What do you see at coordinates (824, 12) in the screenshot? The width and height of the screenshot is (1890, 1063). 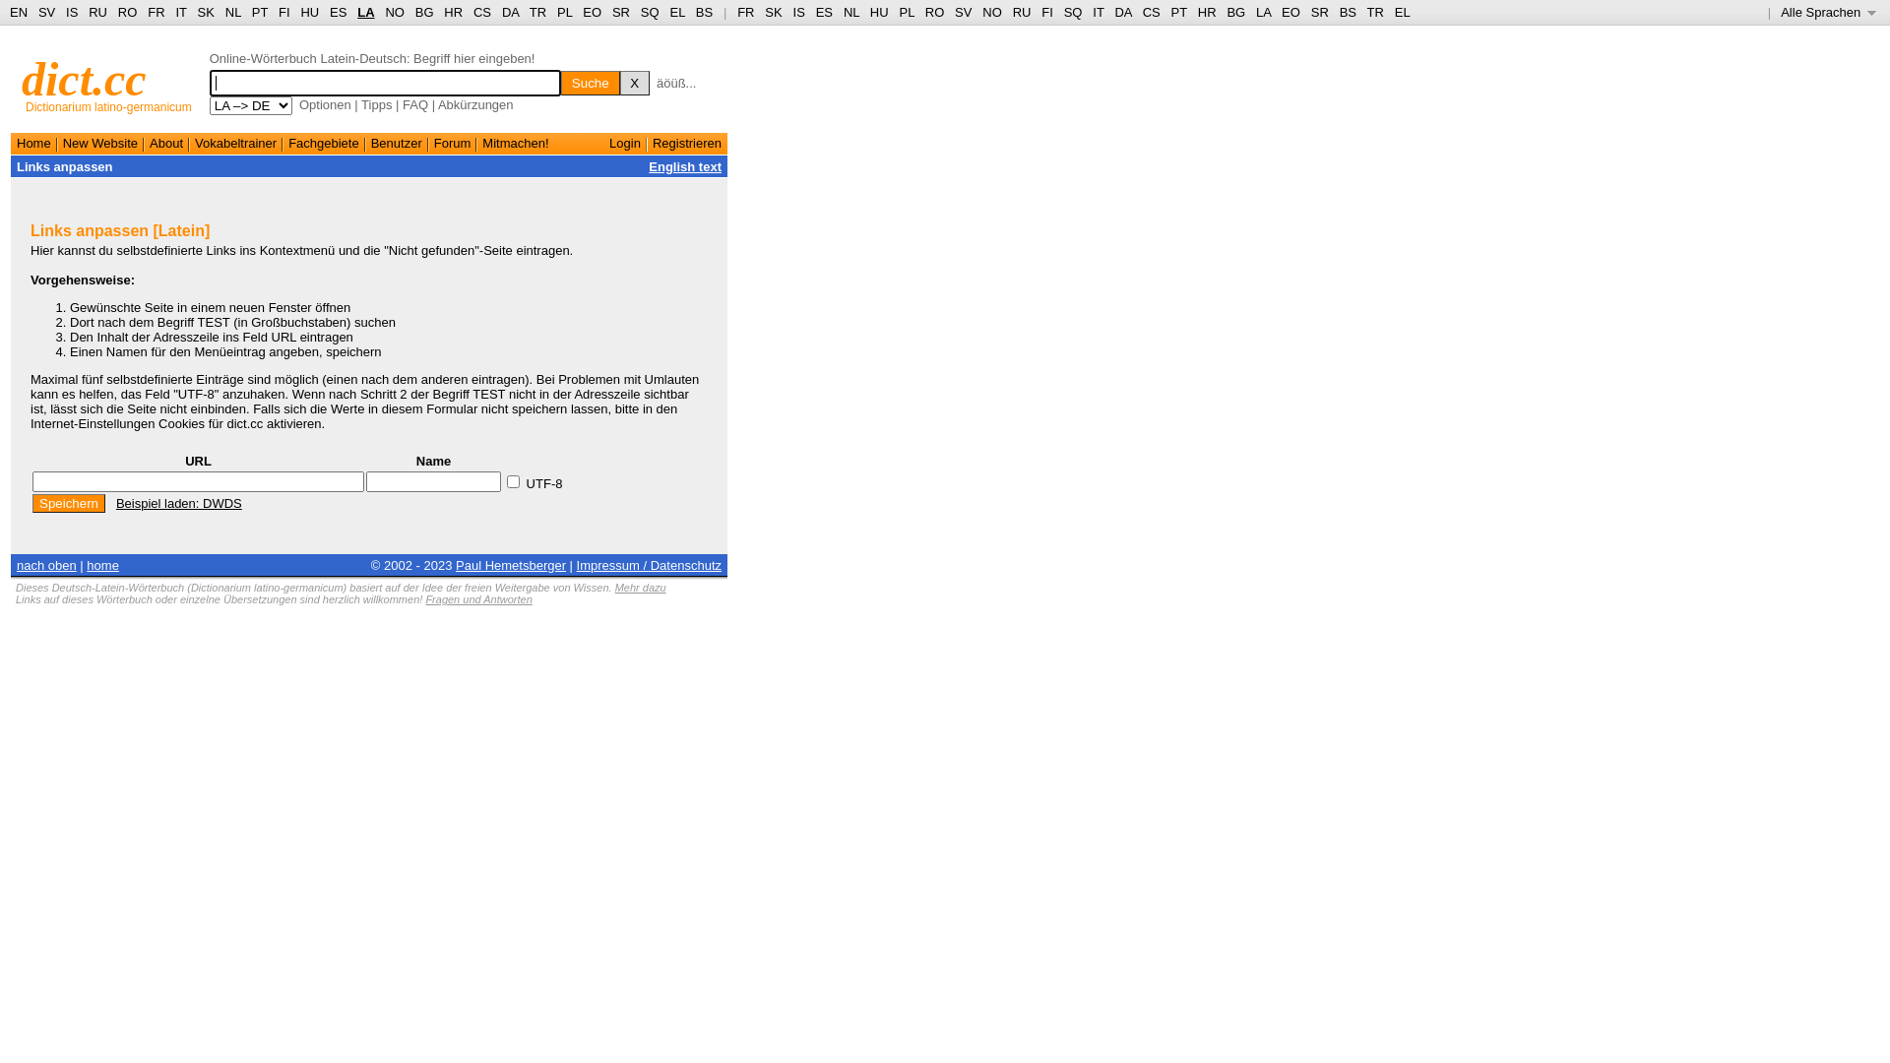 I see `'ES'` at bounding box center [824, 12].